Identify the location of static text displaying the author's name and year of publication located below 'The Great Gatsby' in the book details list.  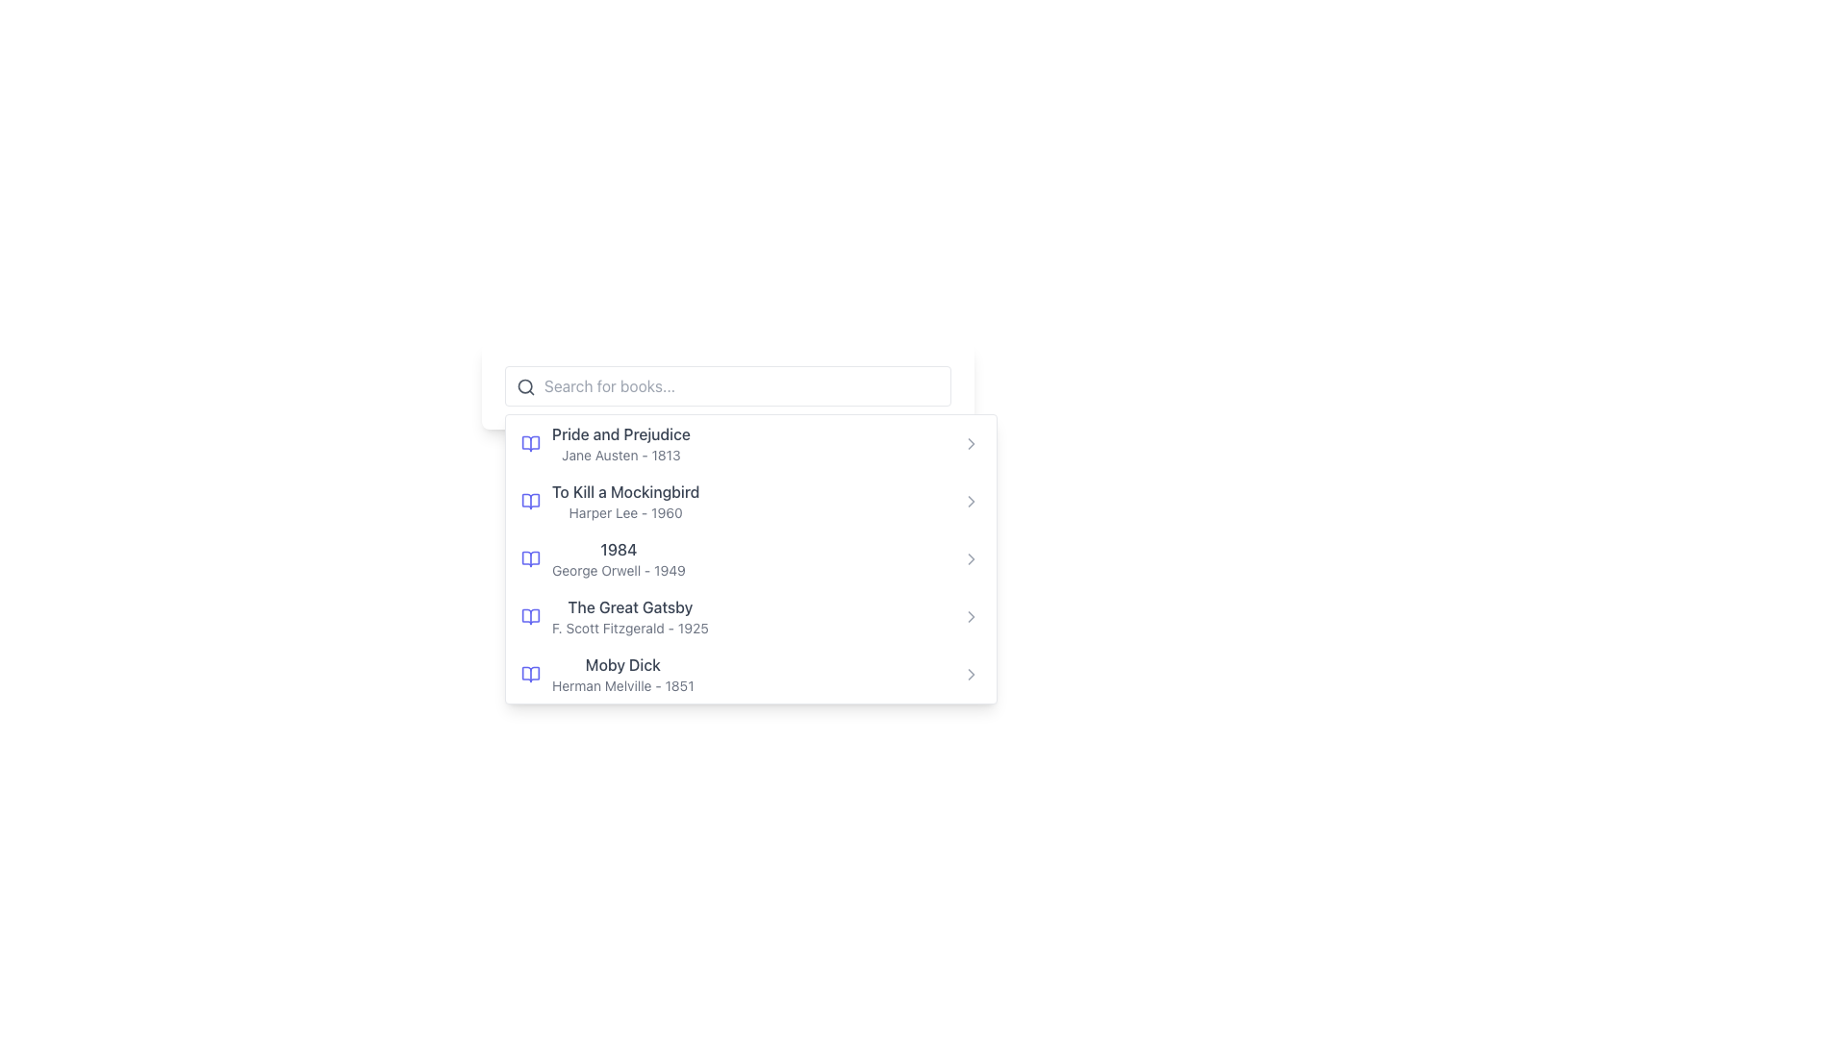
(630, 629).